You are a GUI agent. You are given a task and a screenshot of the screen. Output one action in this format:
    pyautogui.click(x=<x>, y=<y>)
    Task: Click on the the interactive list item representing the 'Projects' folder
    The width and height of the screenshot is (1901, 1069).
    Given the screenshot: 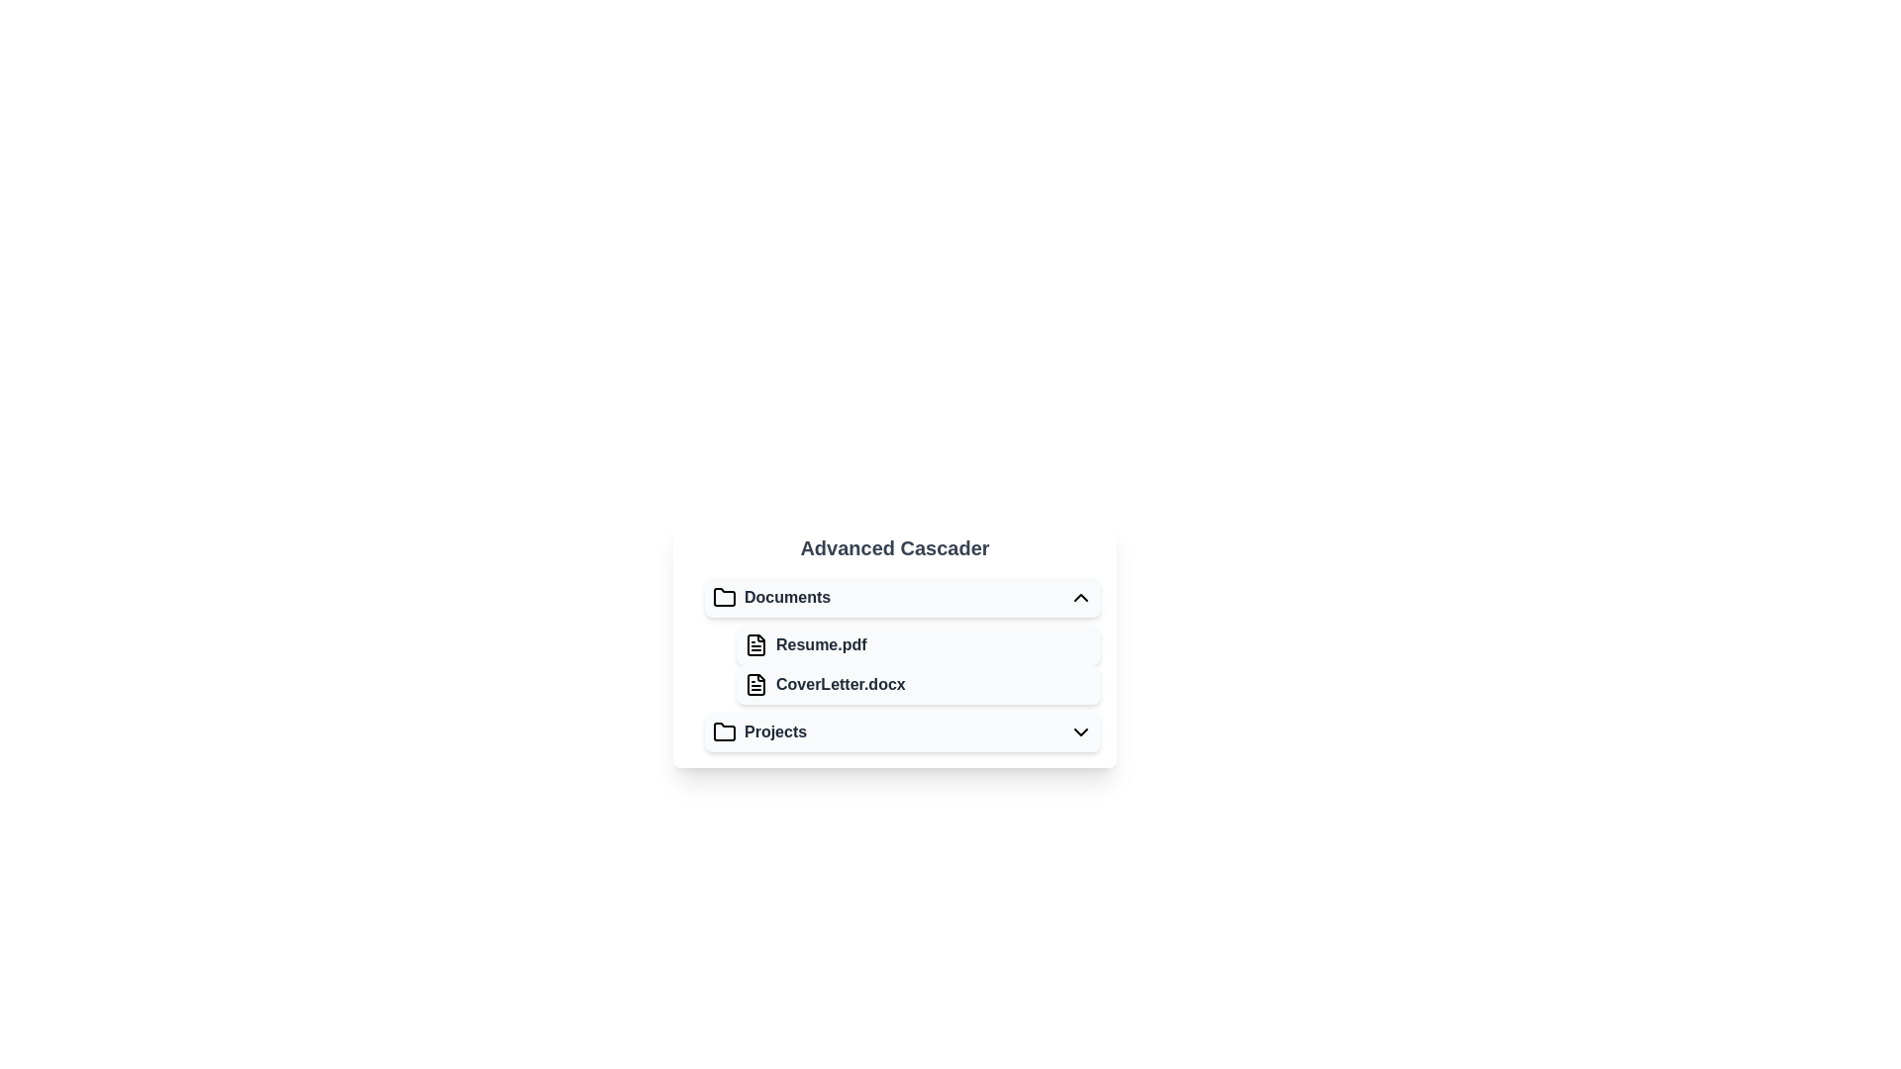 What is the action you would take?
    pyautogui.click(x=893, y=732)
    